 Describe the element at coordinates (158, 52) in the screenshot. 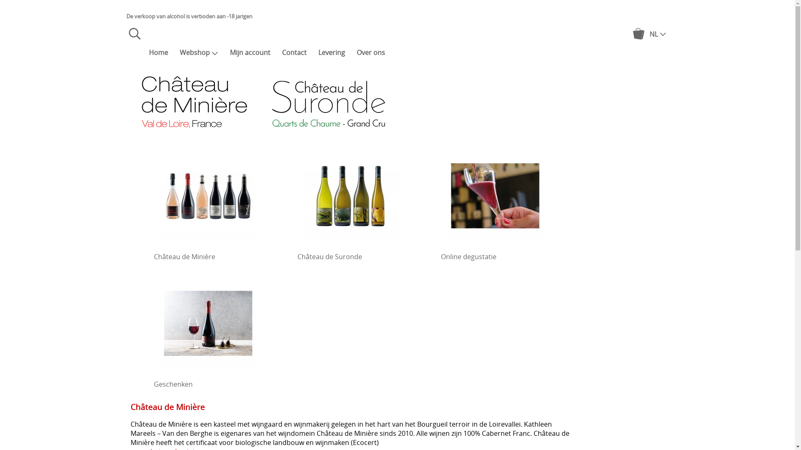

I see `'Home'` at that location.